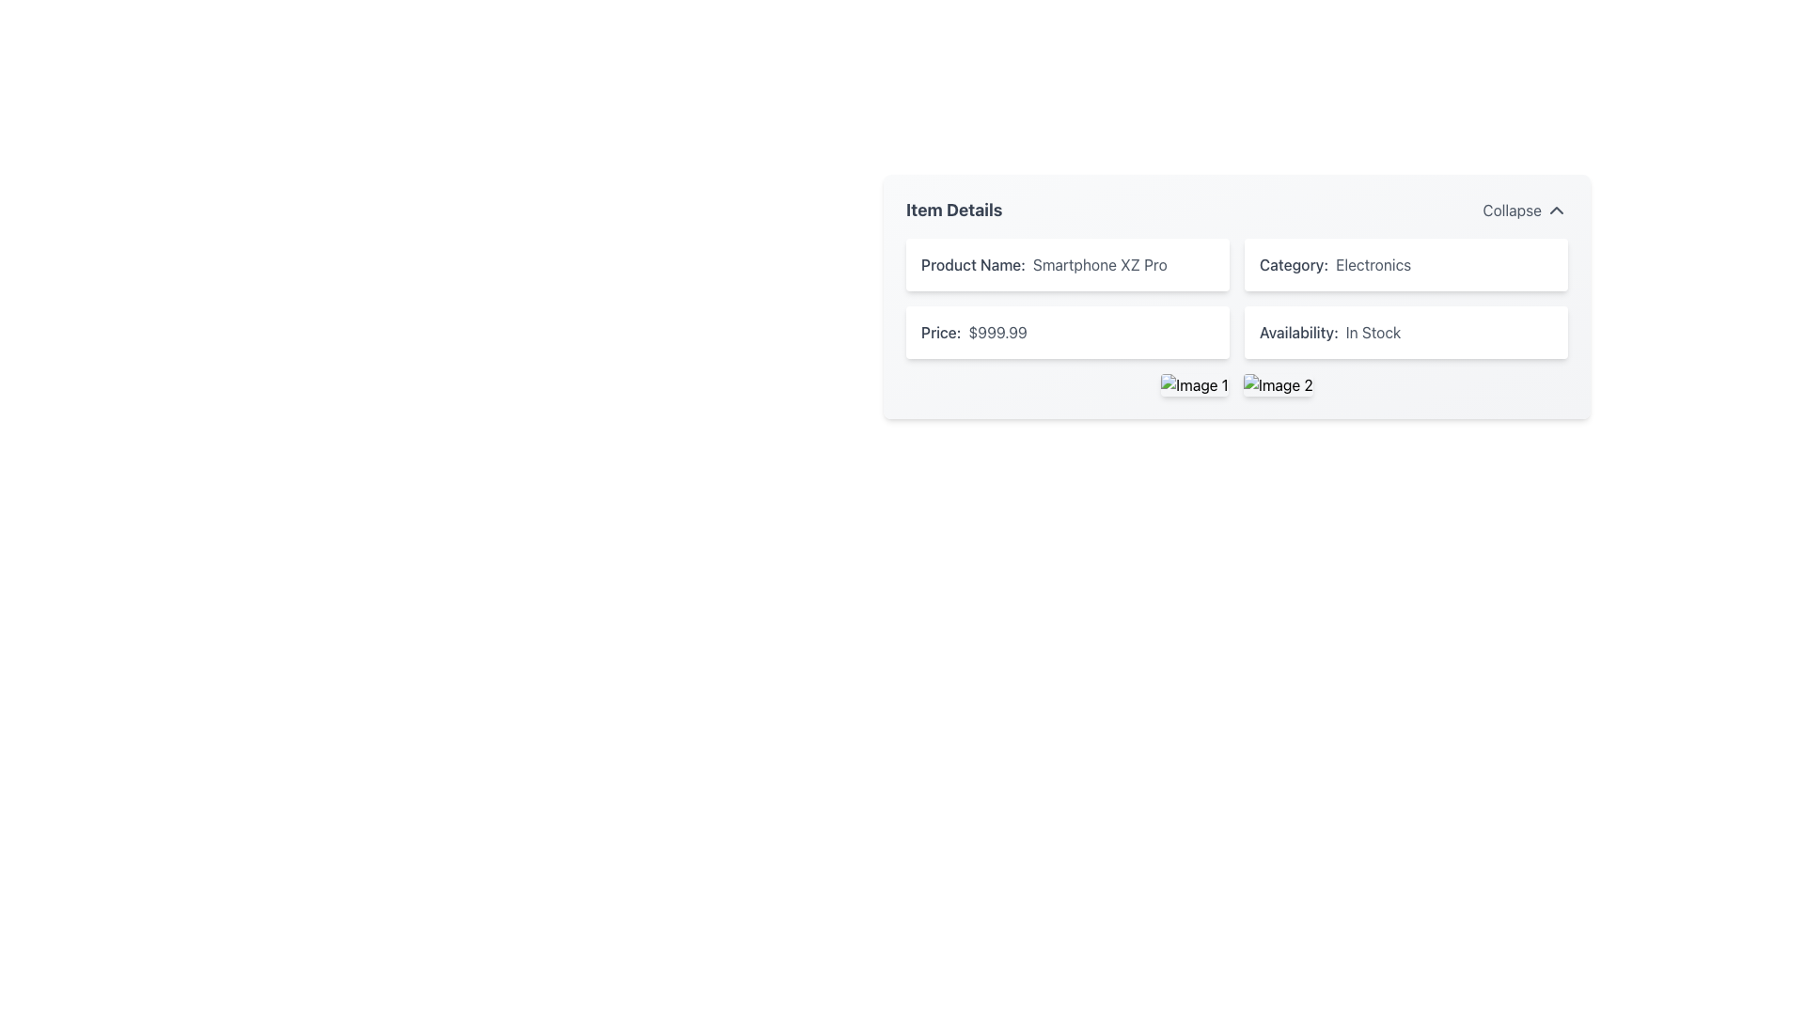 The width and height of the screenshot is (1805, 1015). What do you see at coordinates (1525, 210) in the screenshot?
I see `the toggle button in the top-right corner of the 'Item Details' section` at bounding box center [1525, 210].